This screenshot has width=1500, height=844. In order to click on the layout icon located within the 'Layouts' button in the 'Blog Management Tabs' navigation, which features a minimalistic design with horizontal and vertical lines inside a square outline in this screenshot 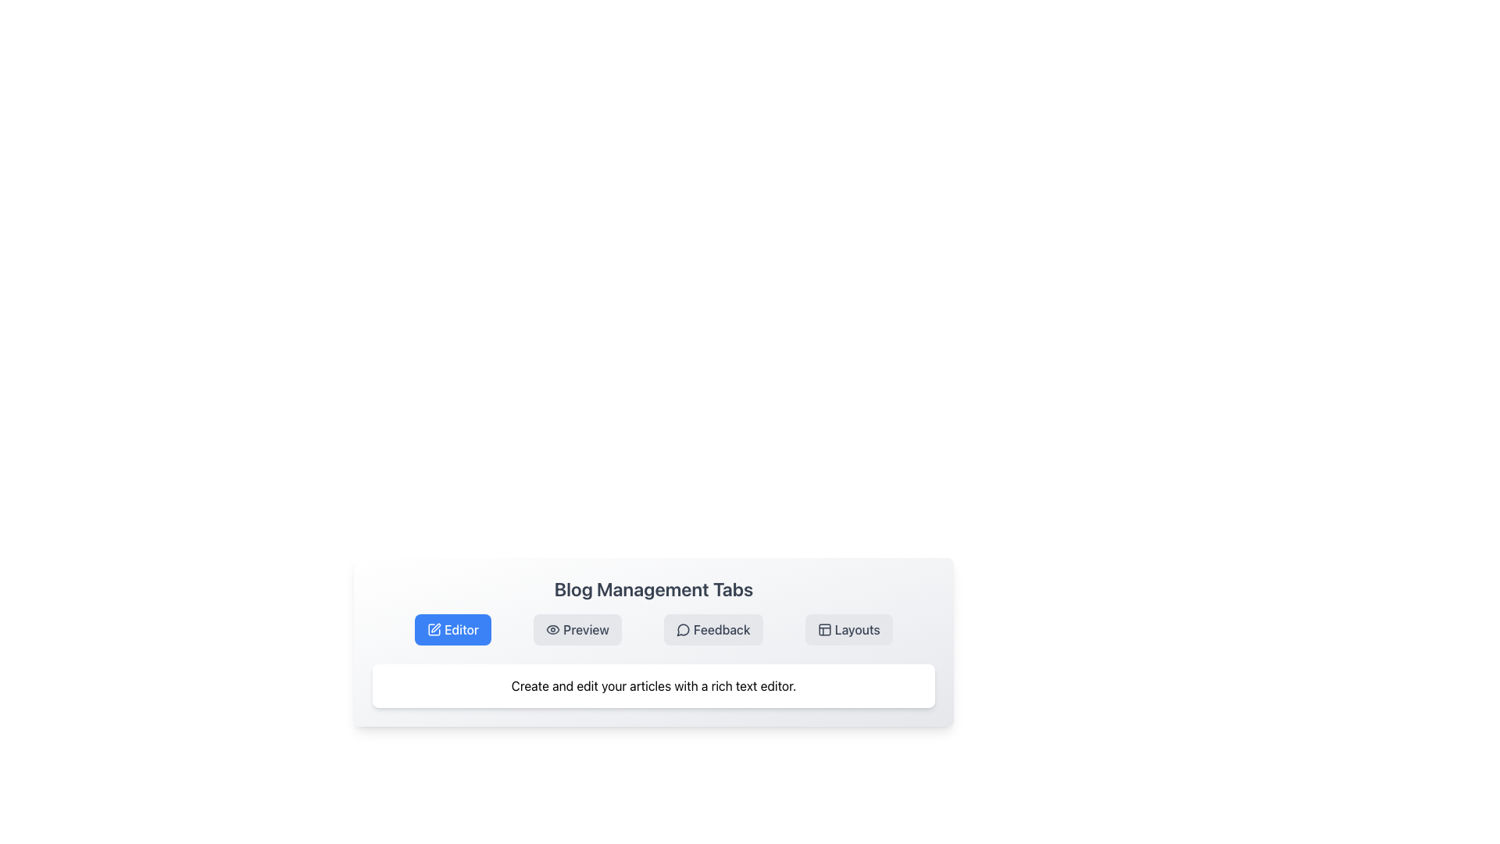, I will do `click(823, 629)`.